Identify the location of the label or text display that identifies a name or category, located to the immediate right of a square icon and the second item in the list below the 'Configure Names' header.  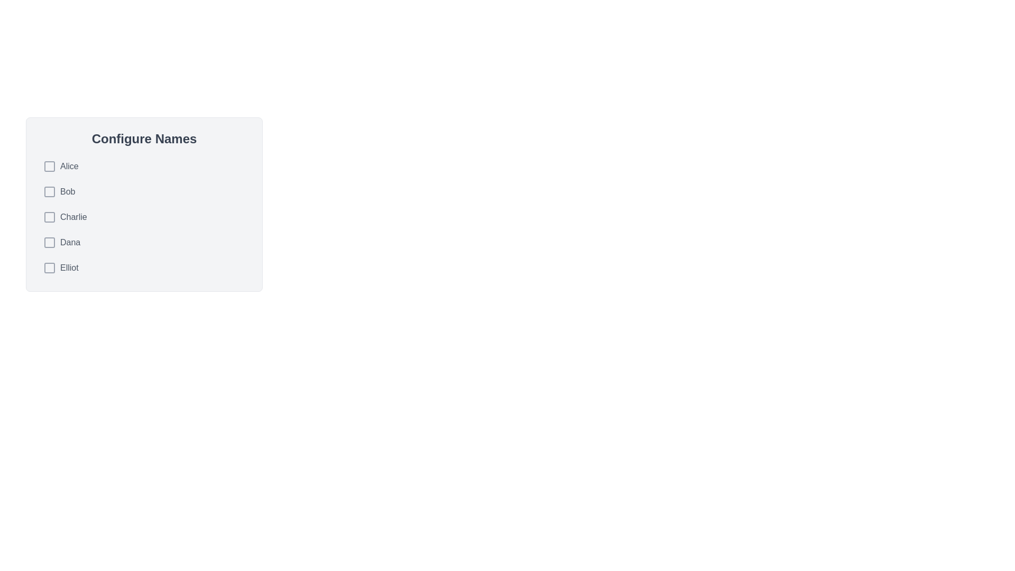
(59, 191).